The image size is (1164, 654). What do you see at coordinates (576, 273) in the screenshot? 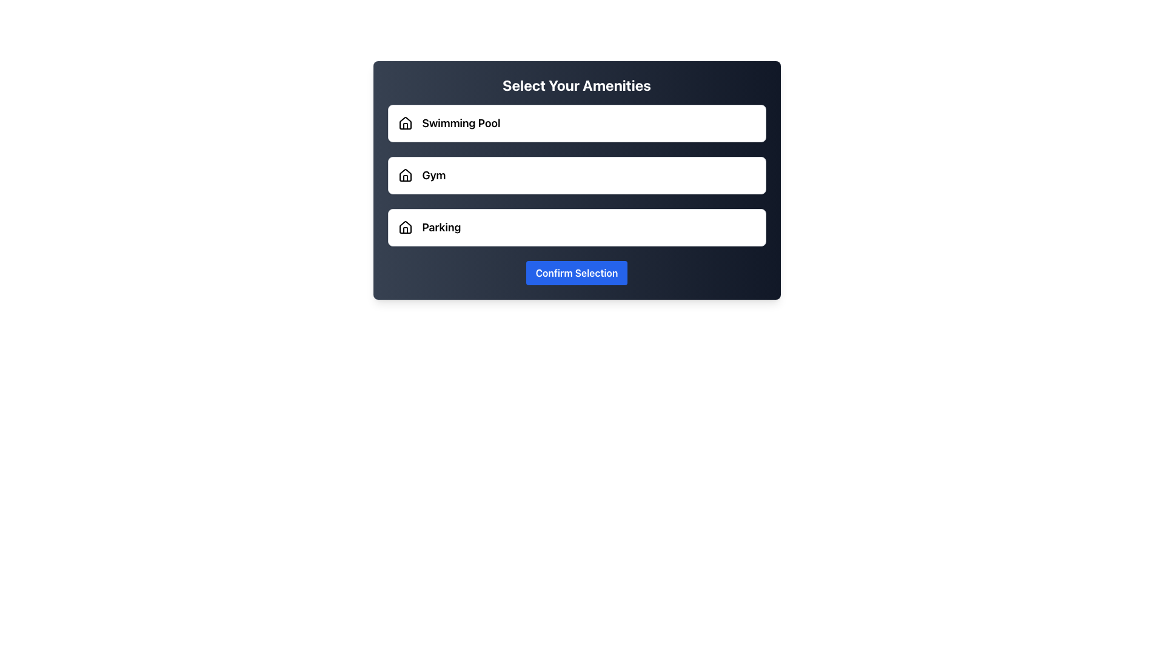
I see `the 'Confirm Selection' button, which has a vibrant blue background and white bold text, located at the bottom center of the card interface` at bounding box center [576, 273].